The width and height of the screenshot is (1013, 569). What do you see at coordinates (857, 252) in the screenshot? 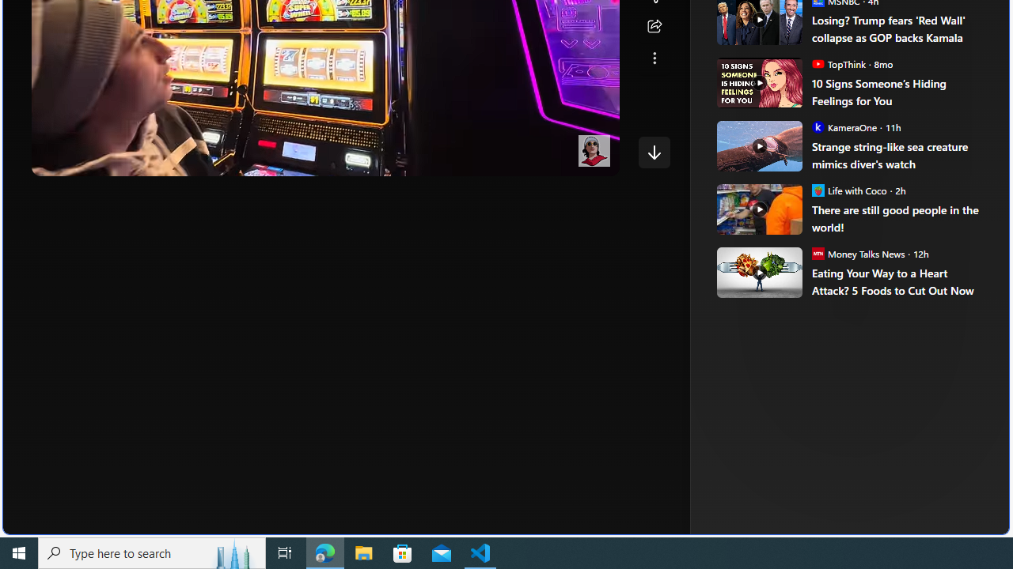
I see `'Money Talks News Money Talks News'` at bounding box center [857, 252].